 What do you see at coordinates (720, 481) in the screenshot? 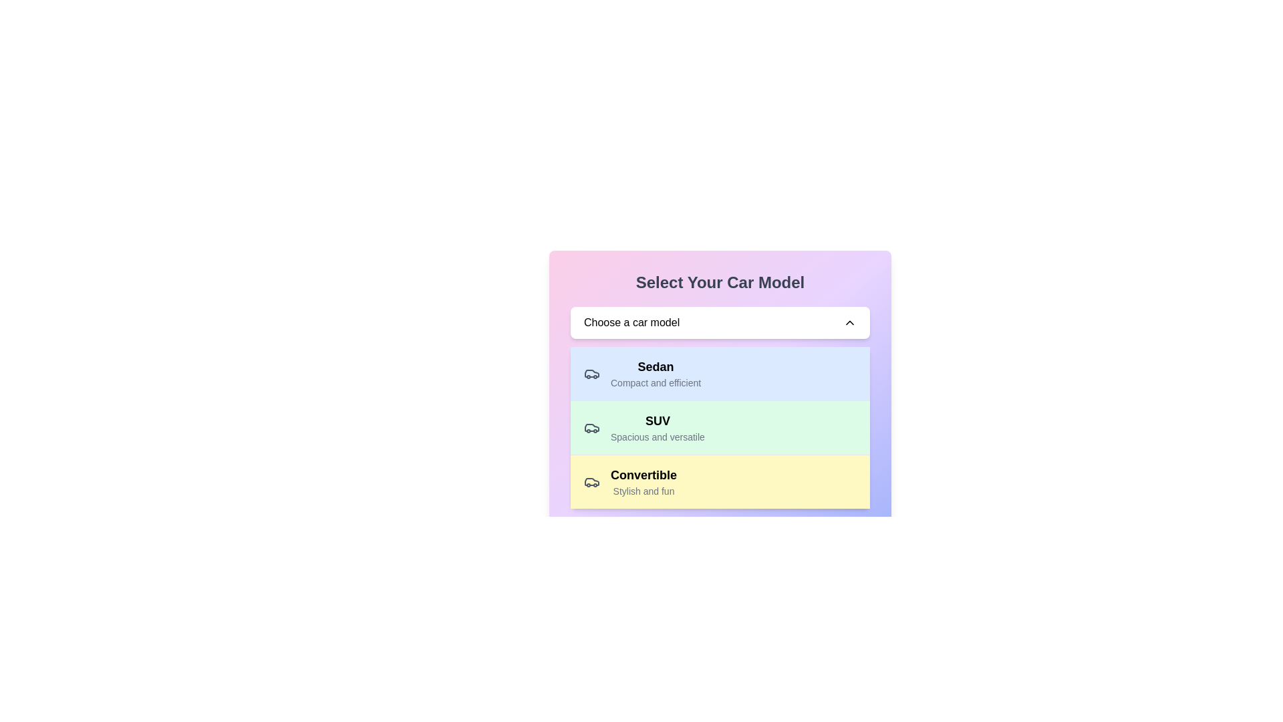
I see `the 'Convertible' car model option in the dropdown list by` at bounding box center [720, 481].